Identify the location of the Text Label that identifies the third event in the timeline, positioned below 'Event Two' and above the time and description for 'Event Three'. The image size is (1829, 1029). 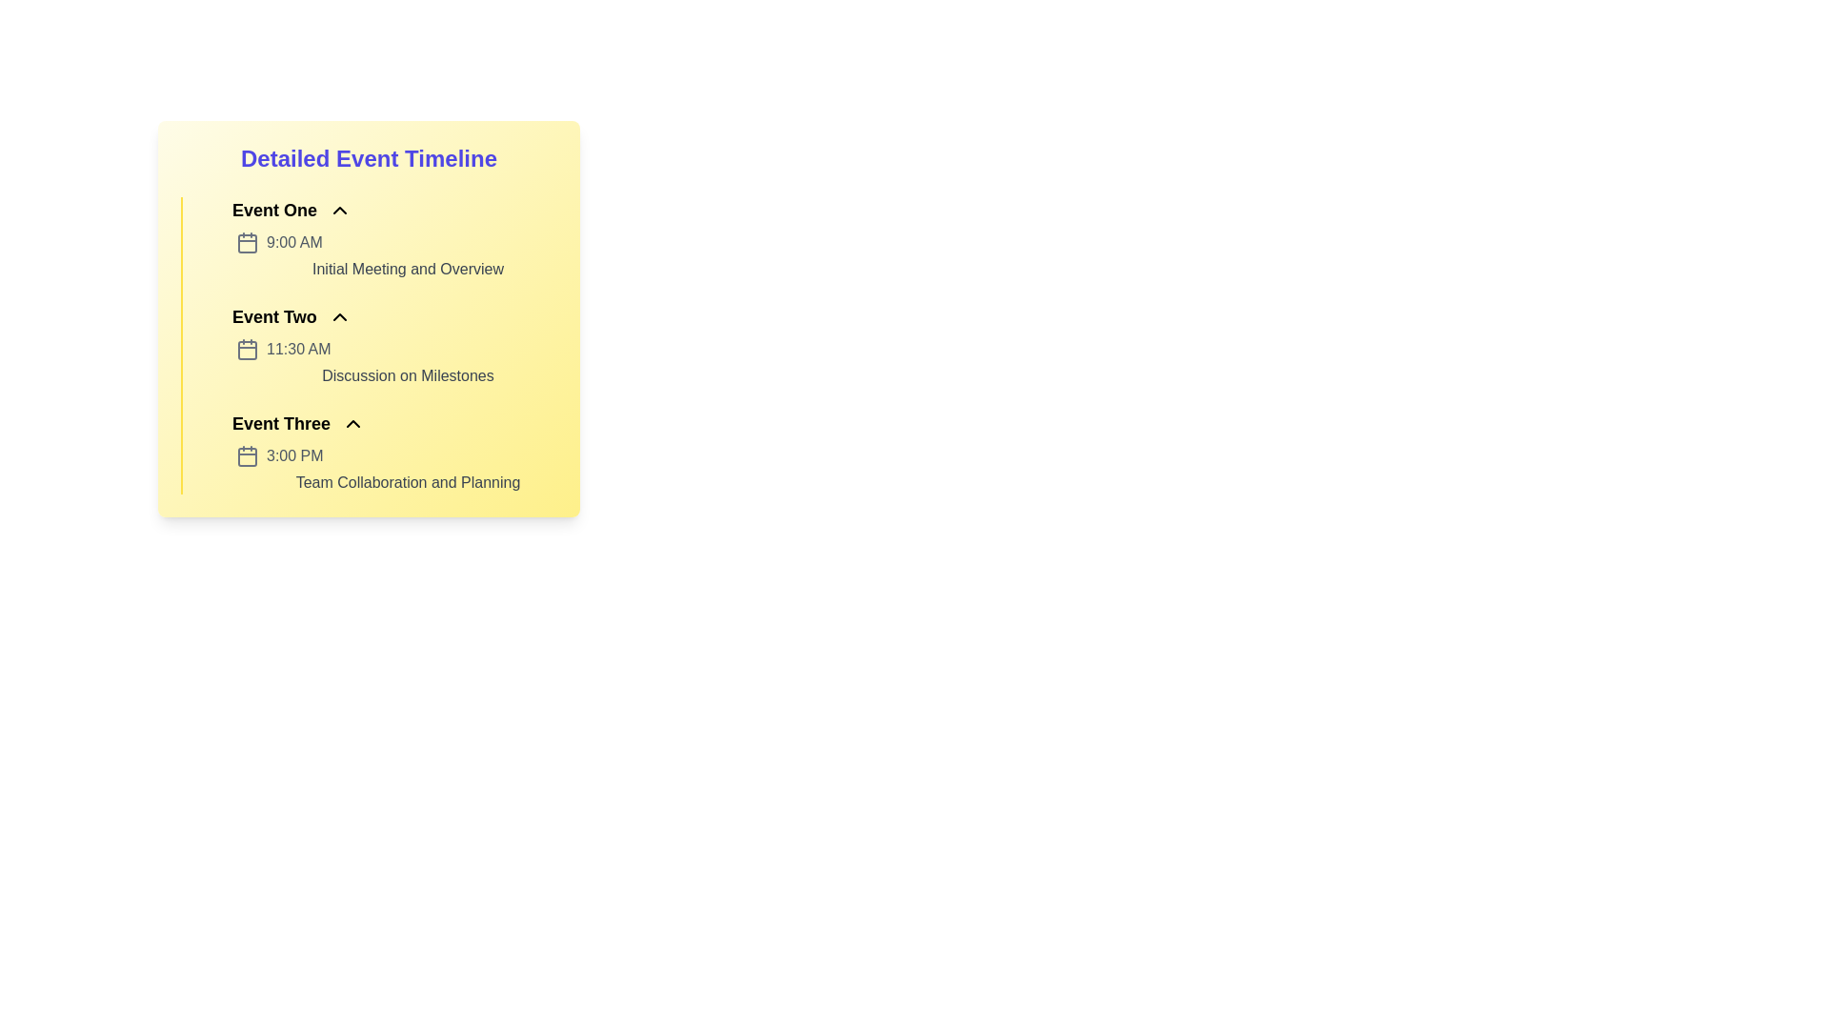
(280, 422).